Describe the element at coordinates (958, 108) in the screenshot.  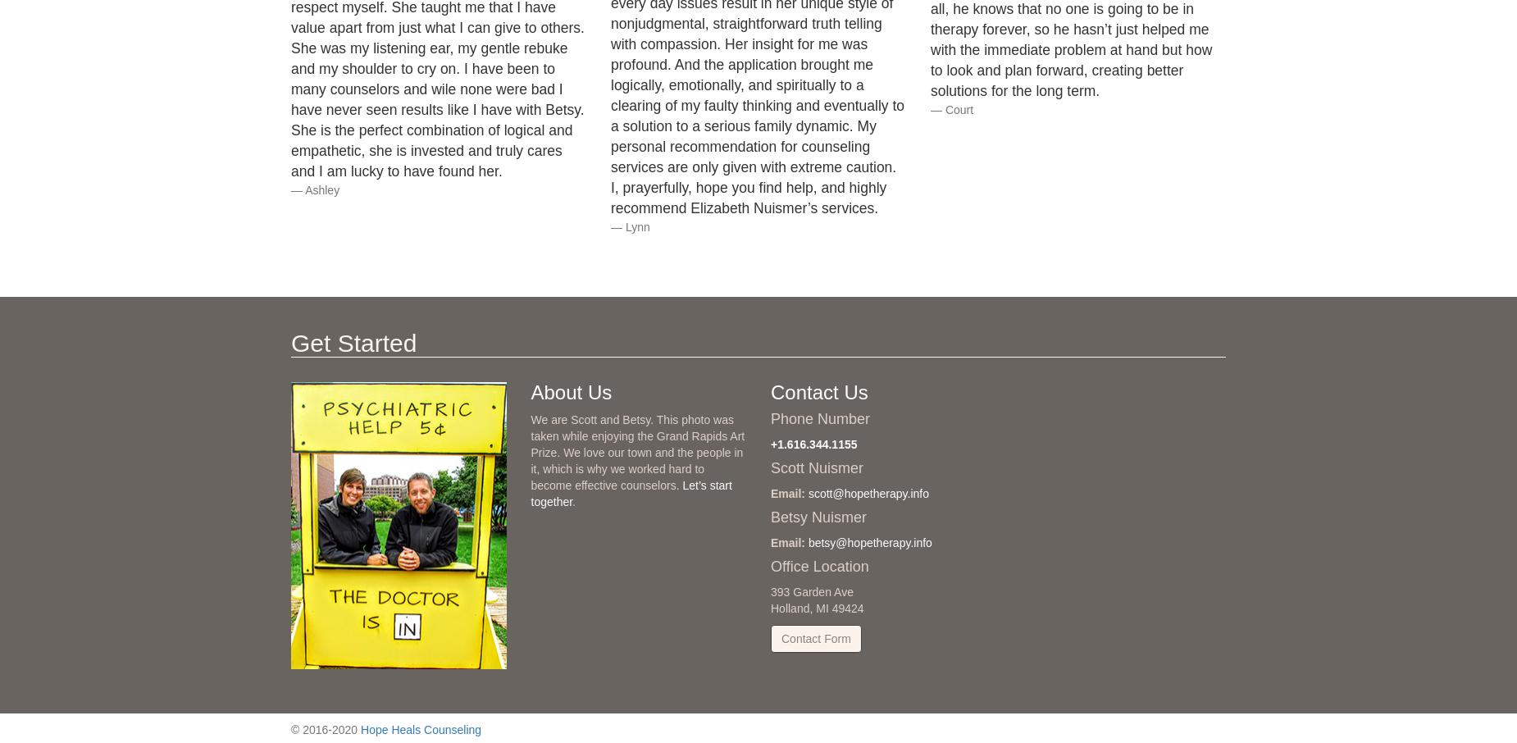
I see `'Court'` at that location.